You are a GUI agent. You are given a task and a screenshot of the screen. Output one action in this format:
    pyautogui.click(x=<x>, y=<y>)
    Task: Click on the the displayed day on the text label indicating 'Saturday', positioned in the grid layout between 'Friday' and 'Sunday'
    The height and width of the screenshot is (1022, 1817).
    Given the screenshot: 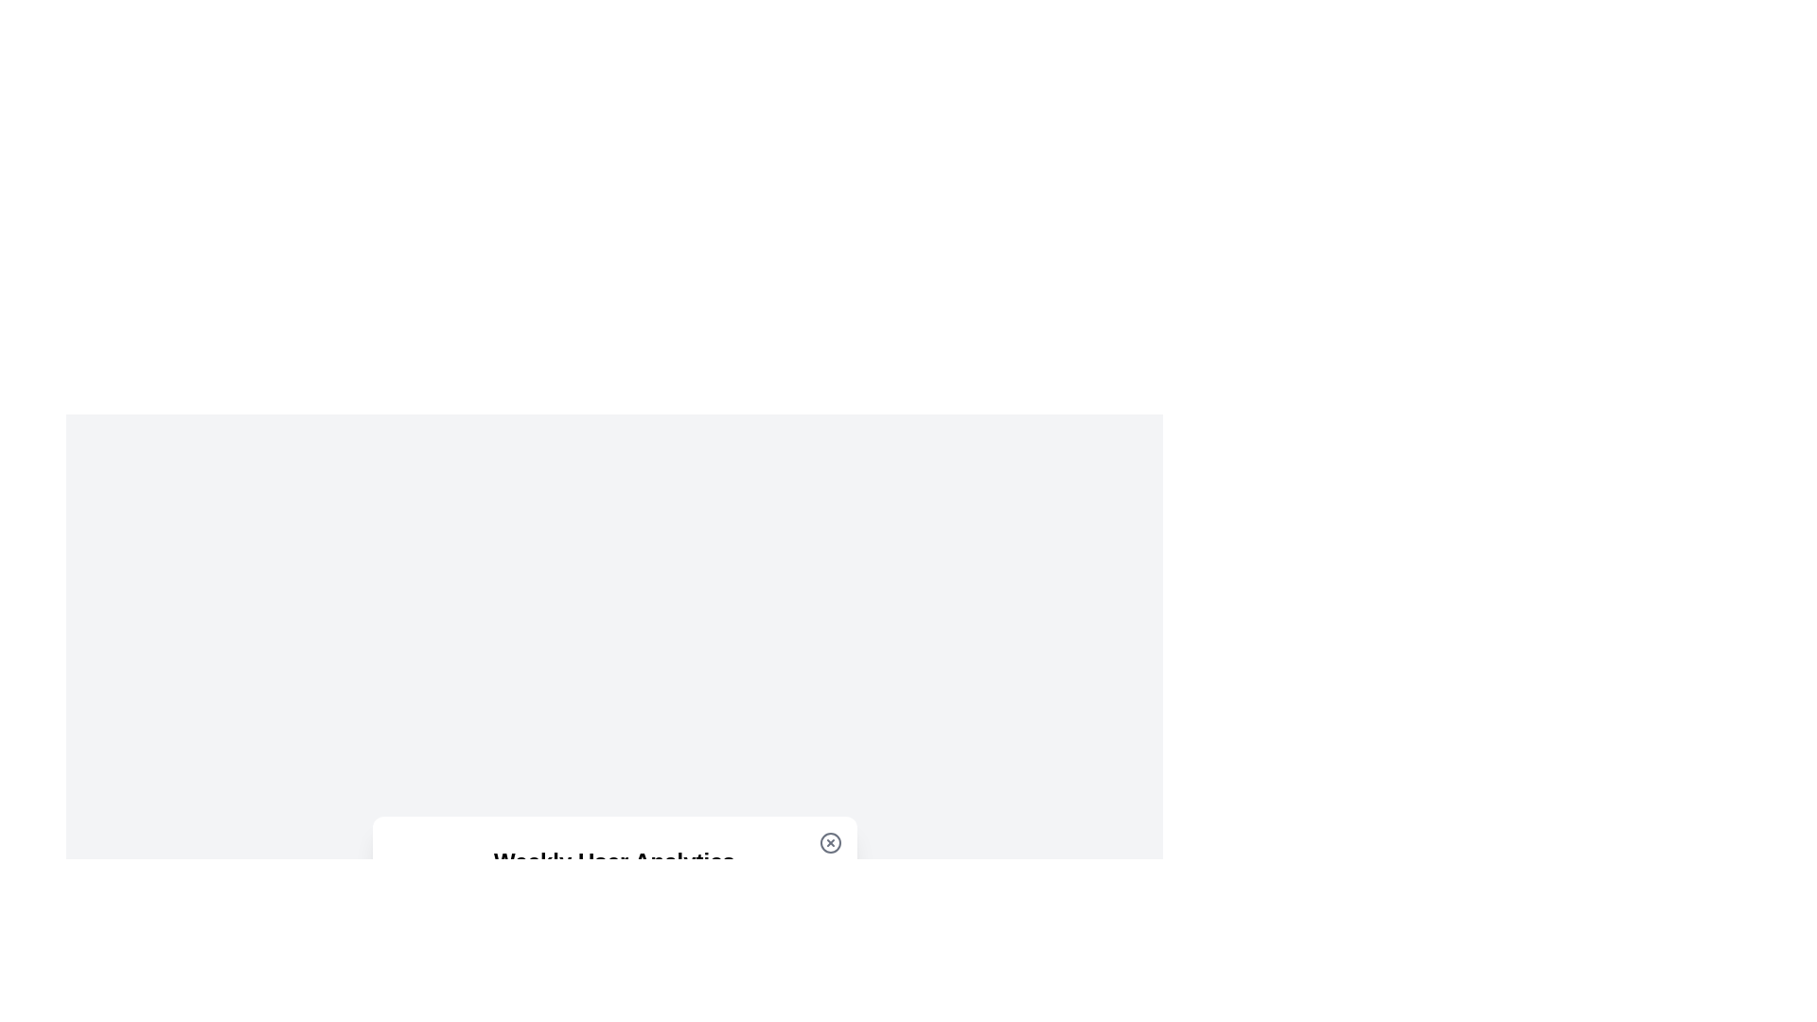 What is the action you would take?
    pyautogui.click(x=736, y=925)
    